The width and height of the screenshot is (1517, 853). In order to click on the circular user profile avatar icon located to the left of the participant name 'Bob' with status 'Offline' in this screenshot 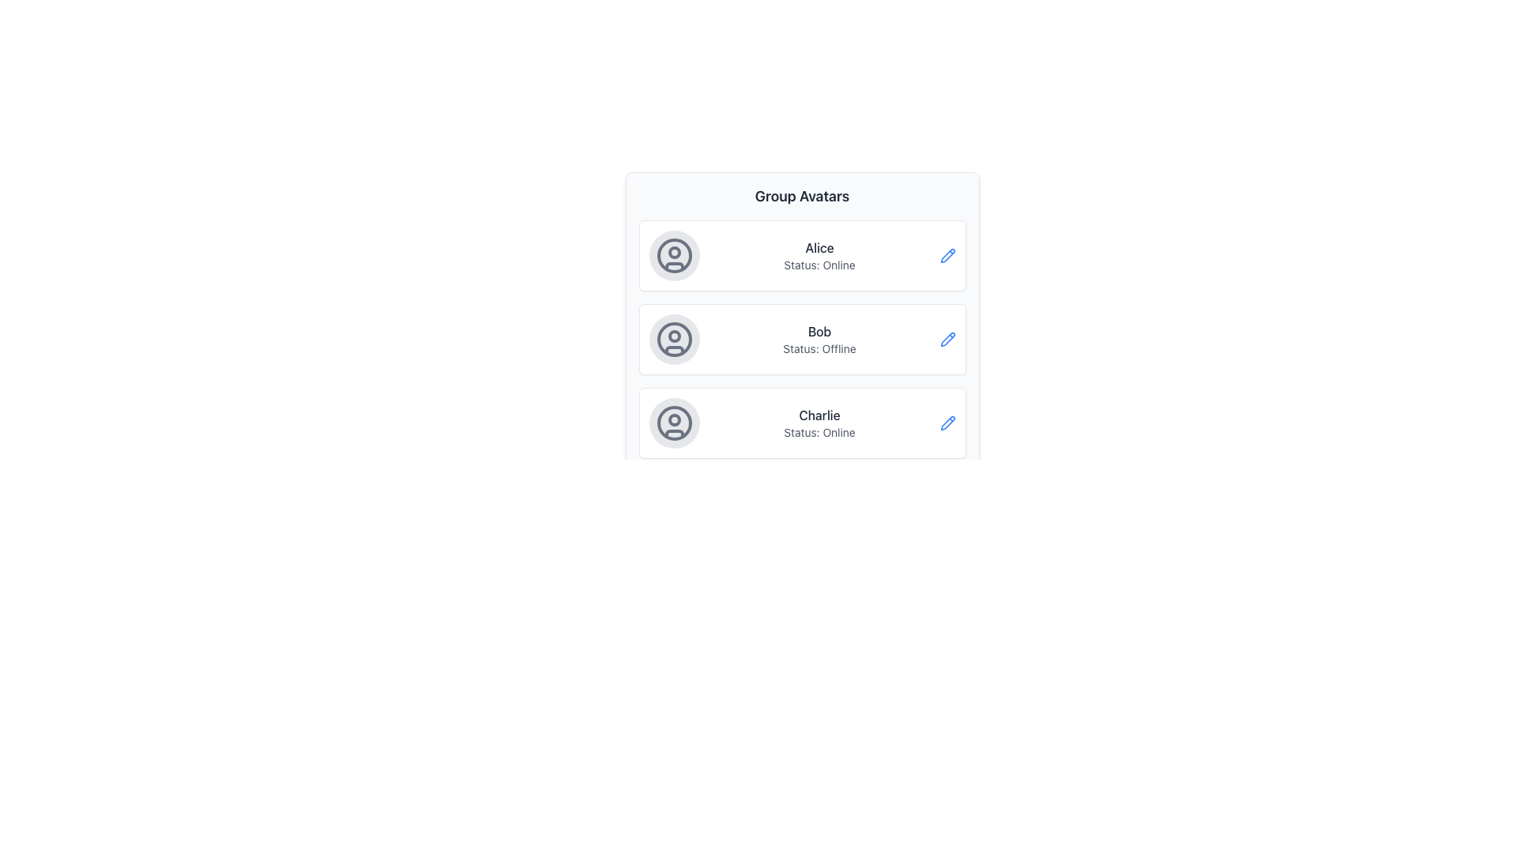, I will do `click(674, 338)`.